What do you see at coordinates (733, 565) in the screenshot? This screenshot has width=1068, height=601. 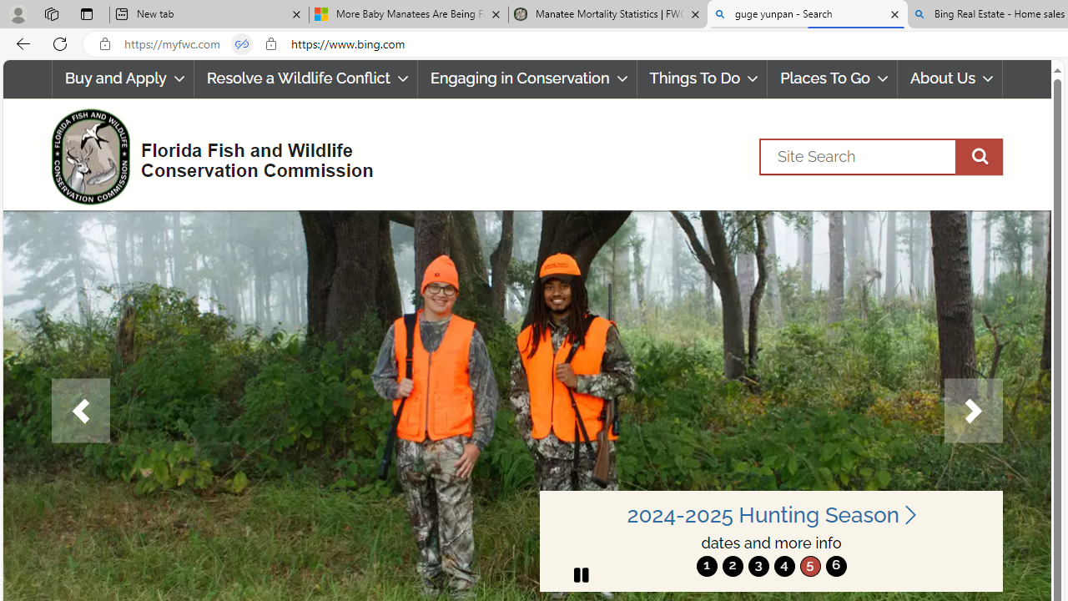 I see `'move to slide 2'` at bounding box center [733, 565].